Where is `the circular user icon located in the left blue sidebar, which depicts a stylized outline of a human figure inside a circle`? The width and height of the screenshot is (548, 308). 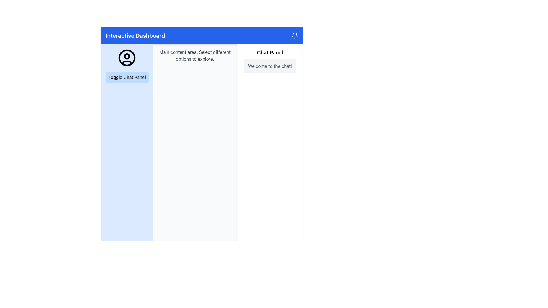 the circular user icon located in the left blue sidebar, which depicts a stylized outline of a human figure inside a circle is located at coordinates (127, 58).